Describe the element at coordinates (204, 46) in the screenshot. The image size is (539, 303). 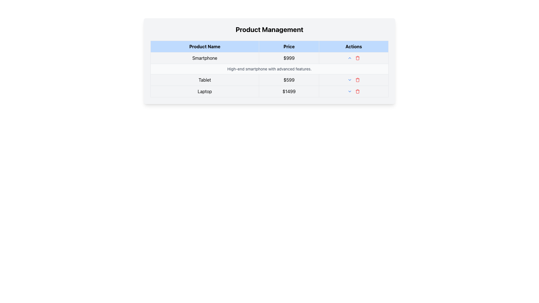
I see `the column header text 'Product Name' in the table header cell with a light blue background and bold black text` at that location.